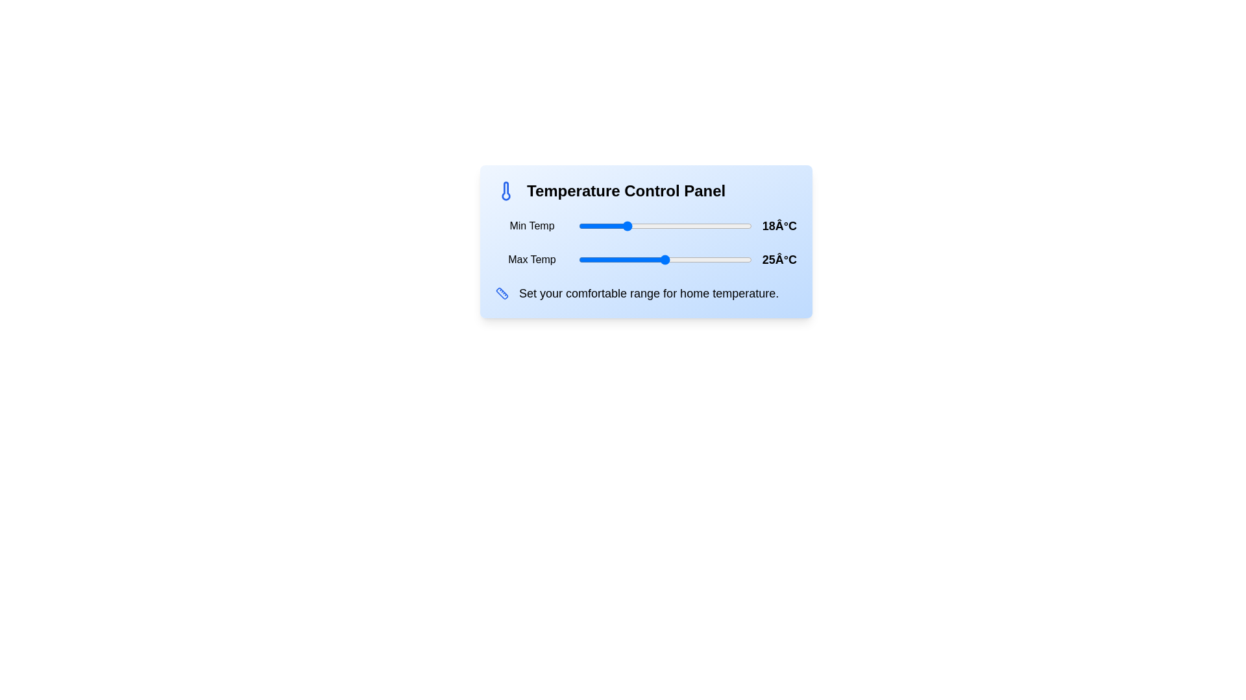 Image resolution: width=1246 pixels, height=700 pixels. What do you see at coordinates (665, 260) in the screenshot?
I see `the temperature slider to set the temperature to 25°C` at bounding box center [665, 260].